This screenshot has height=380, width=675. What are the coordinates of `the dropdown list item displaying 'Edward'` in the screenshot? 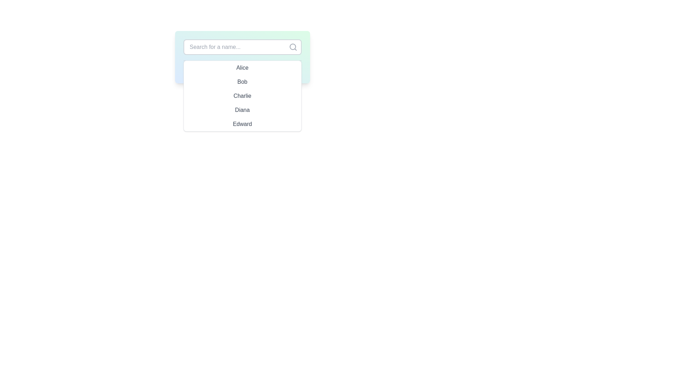 It's located at (242, 124).